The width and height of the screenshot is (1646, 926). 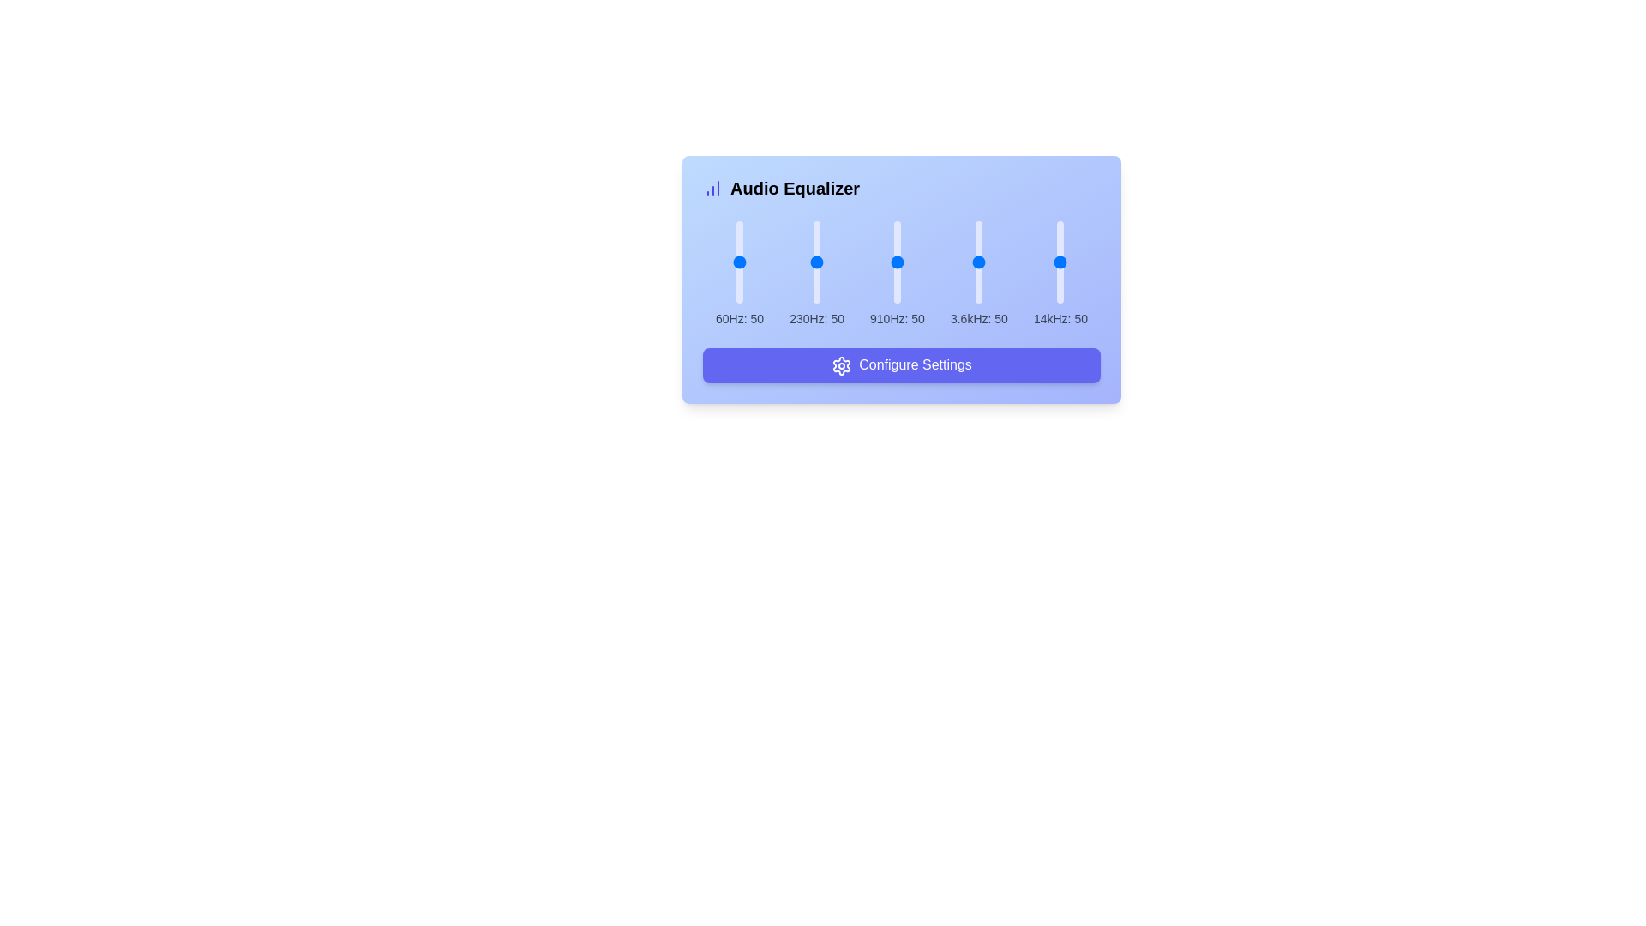 What do you see at coordinates (816, 262) in the screenshot?
I see `the 230Hz band value` at bounding box center [816, 262].